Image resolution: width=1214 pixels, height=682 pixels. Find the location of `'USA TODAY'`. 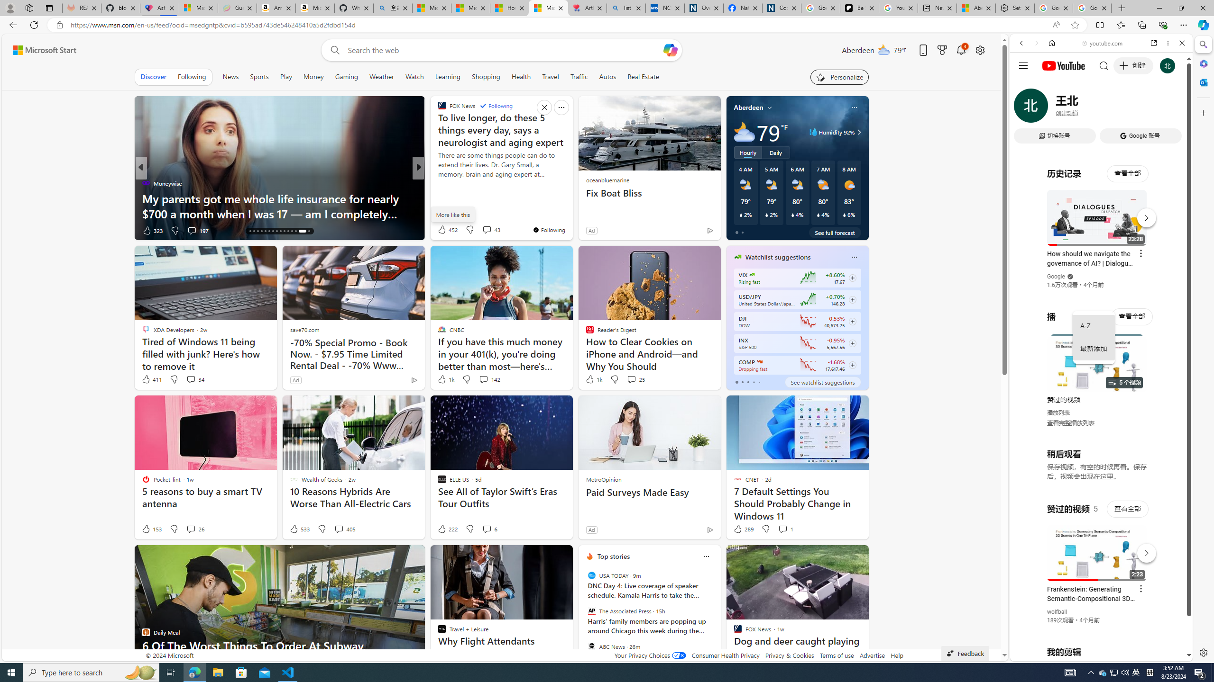

'USA TODAY' is located at coordinates (591, 575).